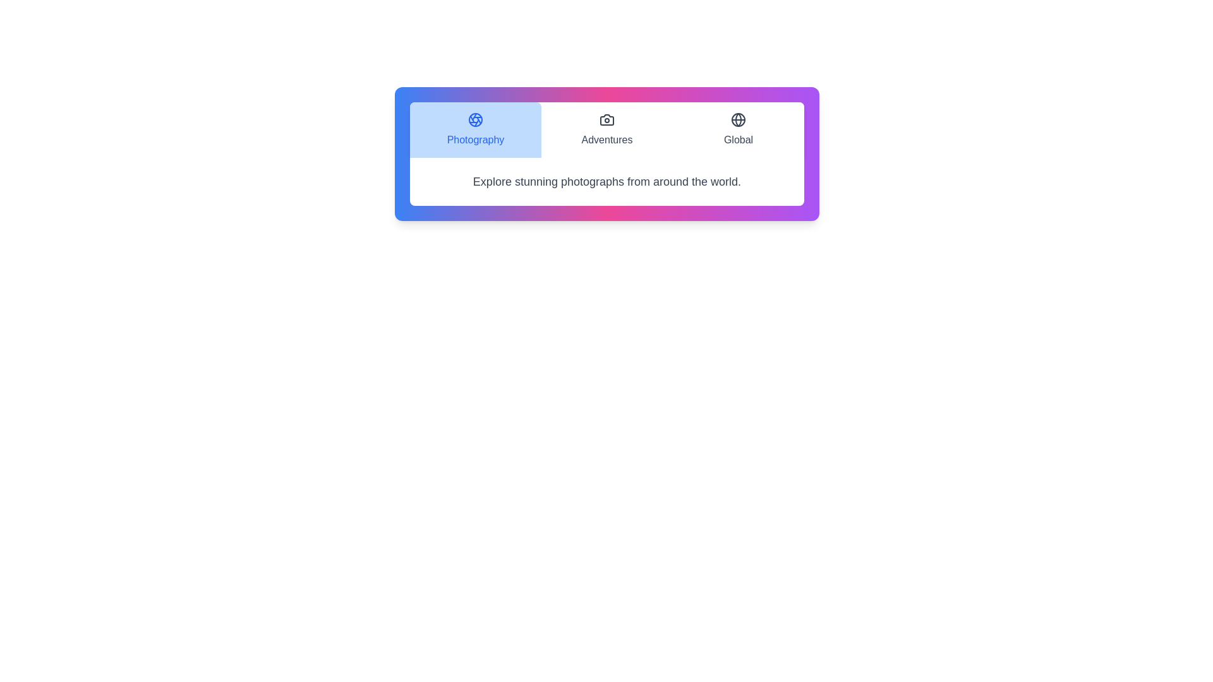 The height and width of the screenshot is (682, 1213). What do you see at coordinates (606, 119) in the screenshot?
I see `the 'Adventures' icon in the upper horizontal menu` at bounding box center [606, 119].